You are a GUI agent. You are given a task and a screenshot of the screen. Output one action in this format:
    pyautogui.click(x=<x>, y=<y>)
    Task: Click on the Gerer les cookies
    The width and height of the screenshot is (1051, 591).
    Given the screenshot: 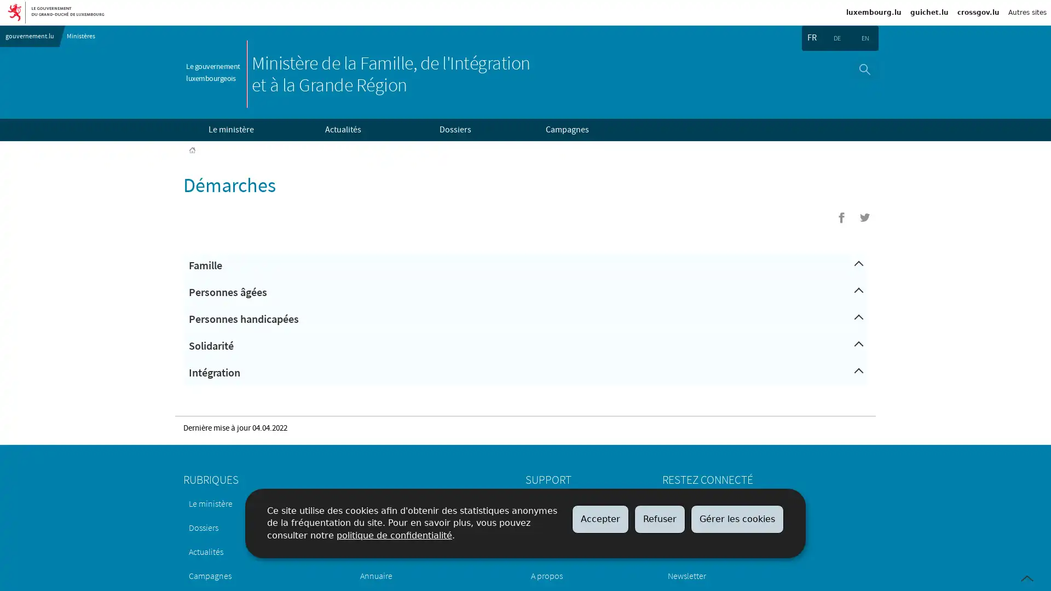 What is the action you would take?
    pyautogui.click(x=737, y=518)
    